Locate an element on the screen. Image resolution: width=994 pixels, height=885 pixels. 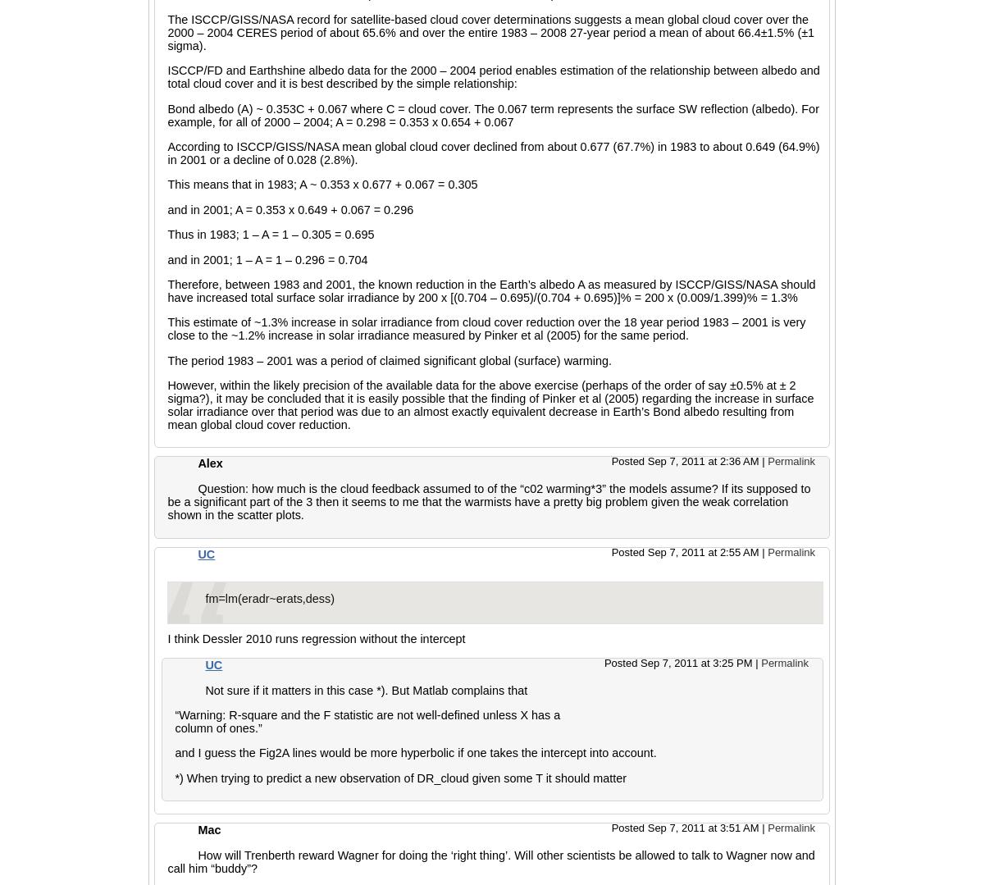
'Mac' is located at coordinates (209, 829).